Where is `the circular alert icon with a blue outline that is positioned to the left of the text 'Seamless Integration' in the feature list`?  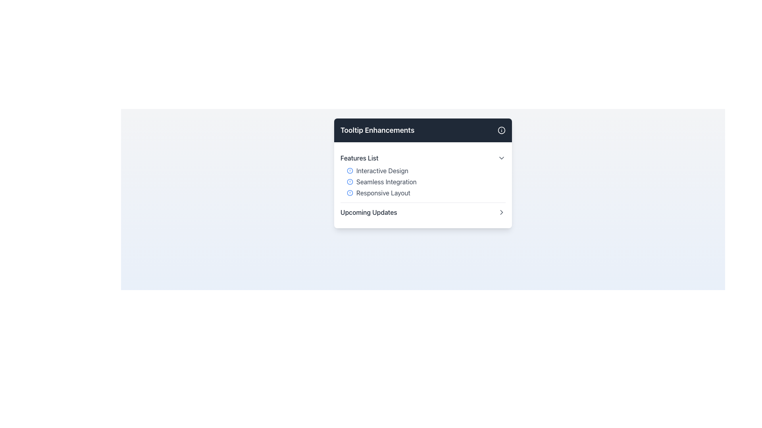 the circular alert icon with a blue outline that is positioned to the left of the text 'Seamless Integration' in the feature list is located at coordinates (350, 182).